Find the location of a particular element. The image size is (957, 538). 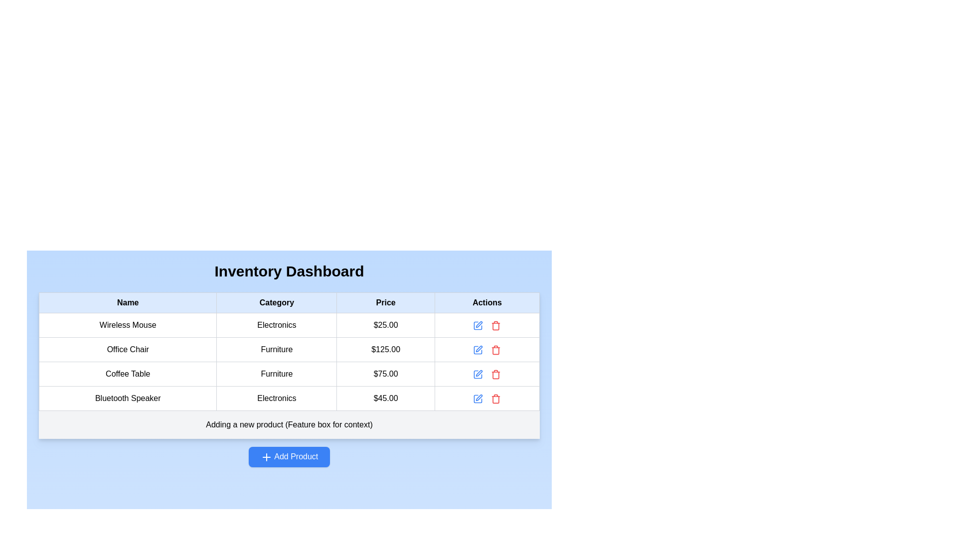

the trash bin icon in the 'Actions' column is located at coordinates (496, 399).